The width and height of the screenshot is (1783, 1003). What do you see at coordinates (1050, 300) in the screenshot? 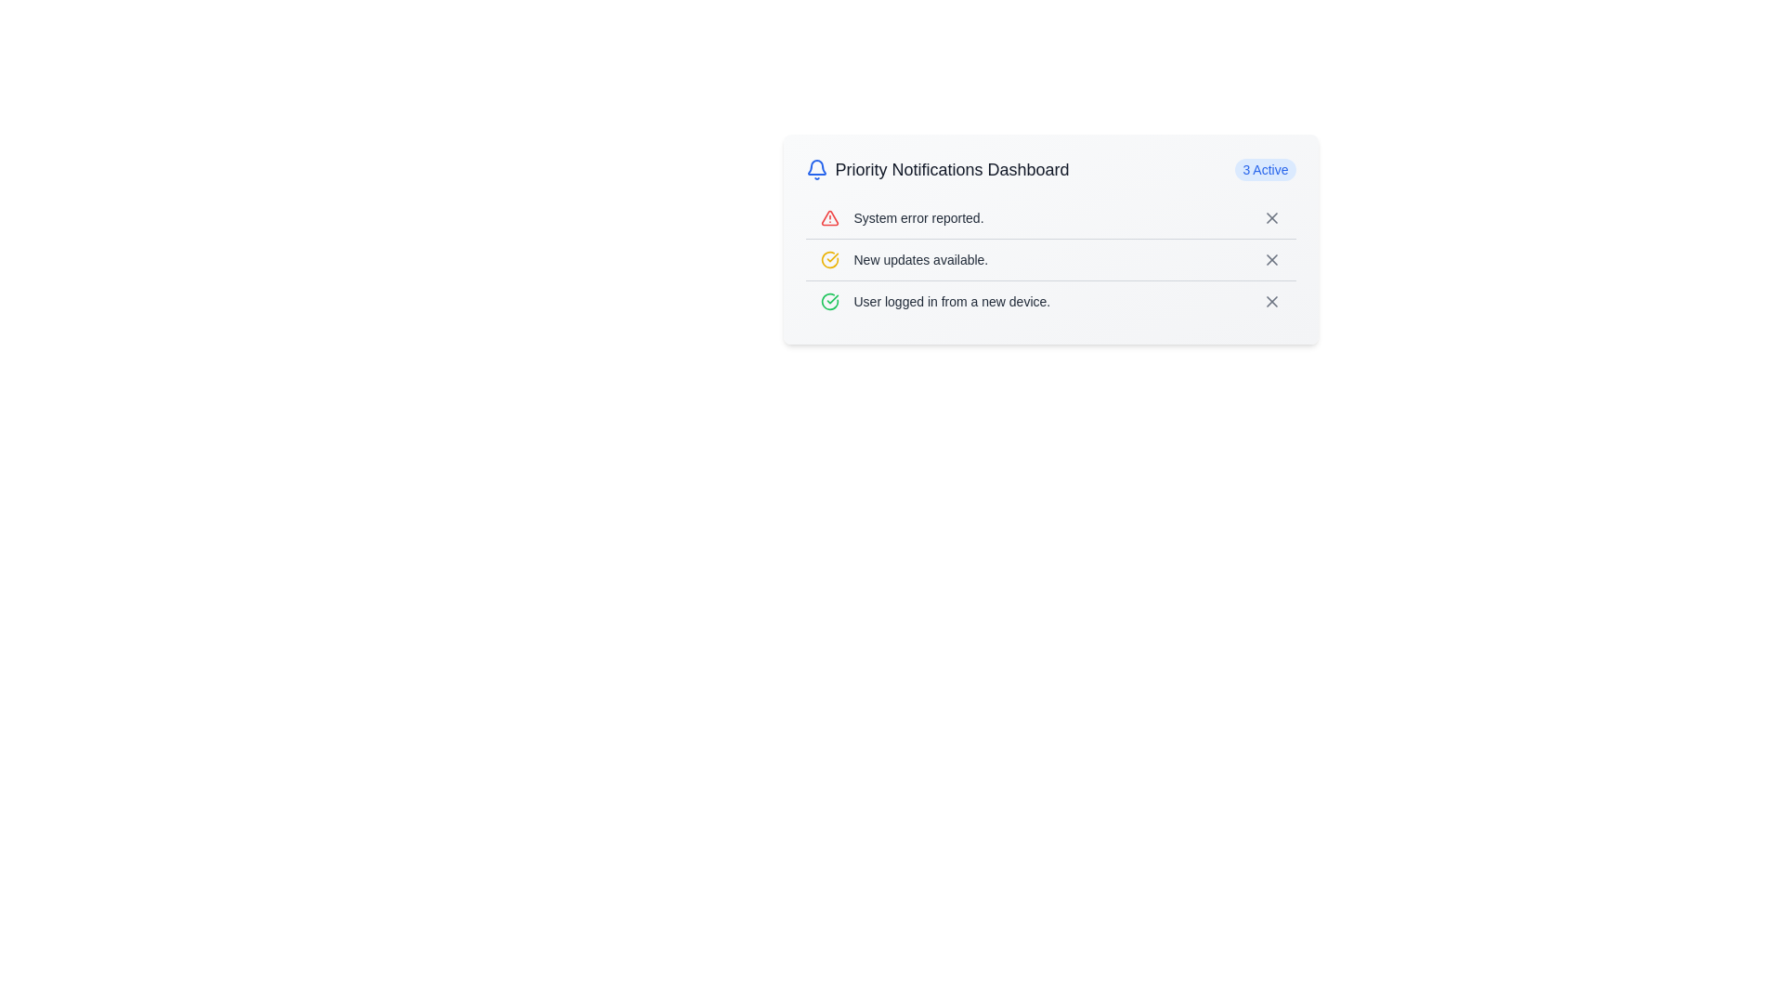
I see `the third notification entry in the 'Priority Notifications Dashboard', which provides information about a security-related event` at bounding box center [1050, 300].